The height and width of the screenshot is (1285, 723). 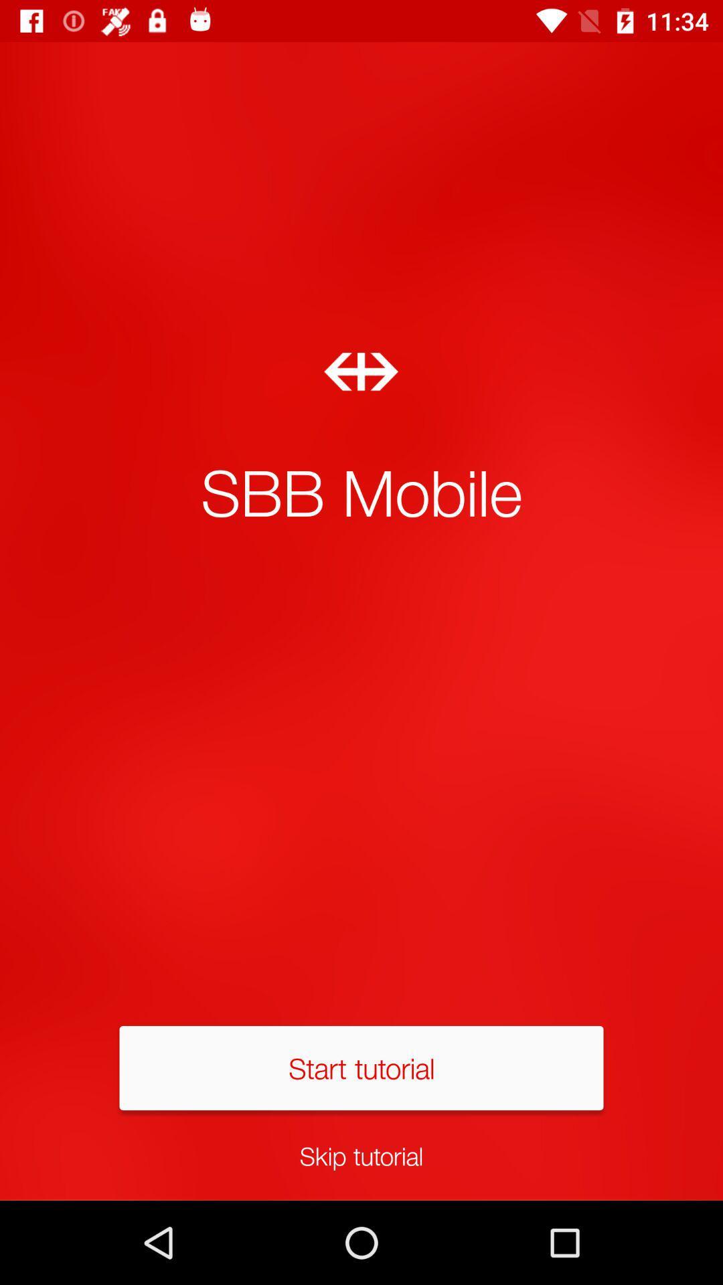 What do you see at coordinates (361, 1154) in the screenshot?
I see `skip tutorial icon` at bounding box center [361, 1154].